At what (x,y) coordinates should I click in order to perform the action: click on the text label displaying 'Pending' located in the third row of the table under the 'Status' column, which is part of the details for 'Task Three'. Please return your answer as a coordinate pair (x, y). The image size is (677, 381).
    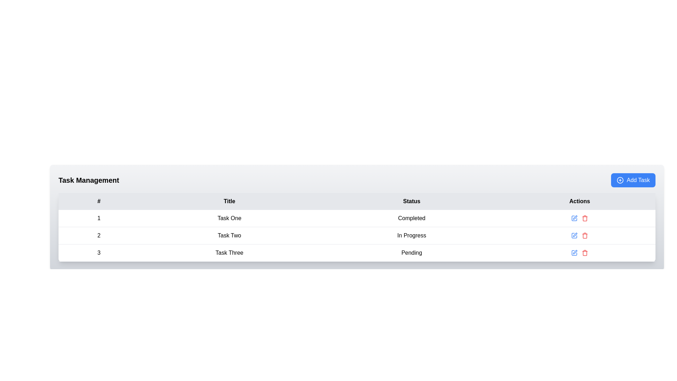
    Looking at the image, I should click on (411, 253).